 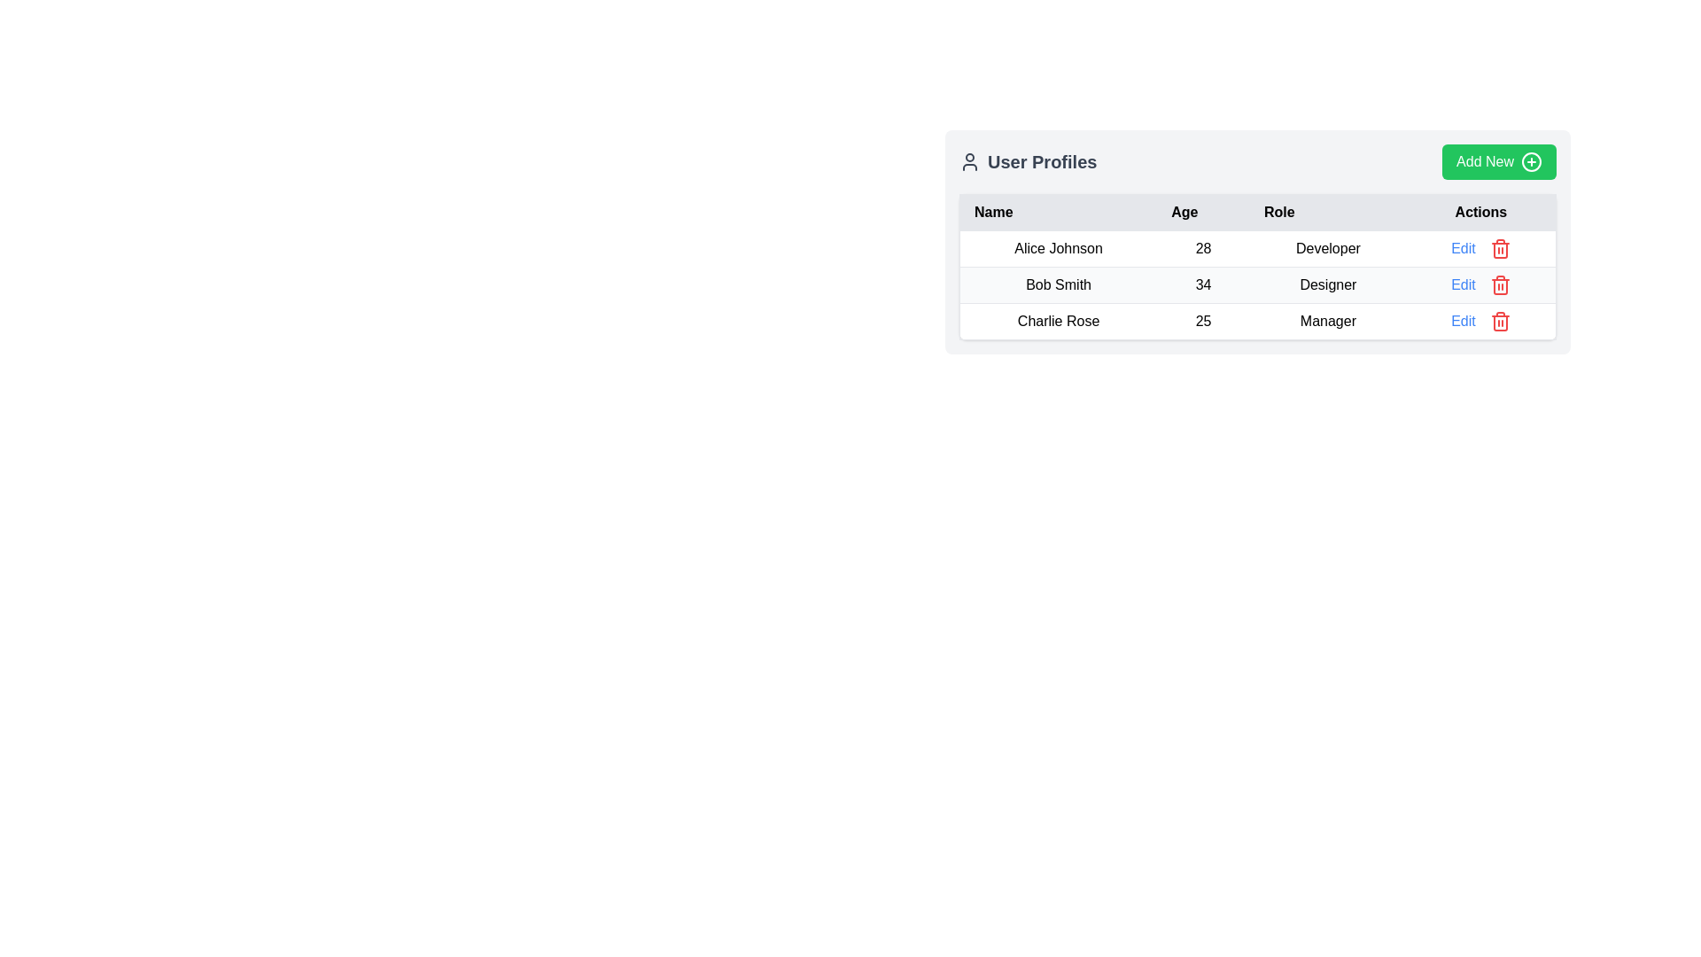 I want to click on the text label displaying 'Developer' located in the 'Role' column of the user profile table, which is the first row under the header 'User Profiles', so click(x=1328, y=249).